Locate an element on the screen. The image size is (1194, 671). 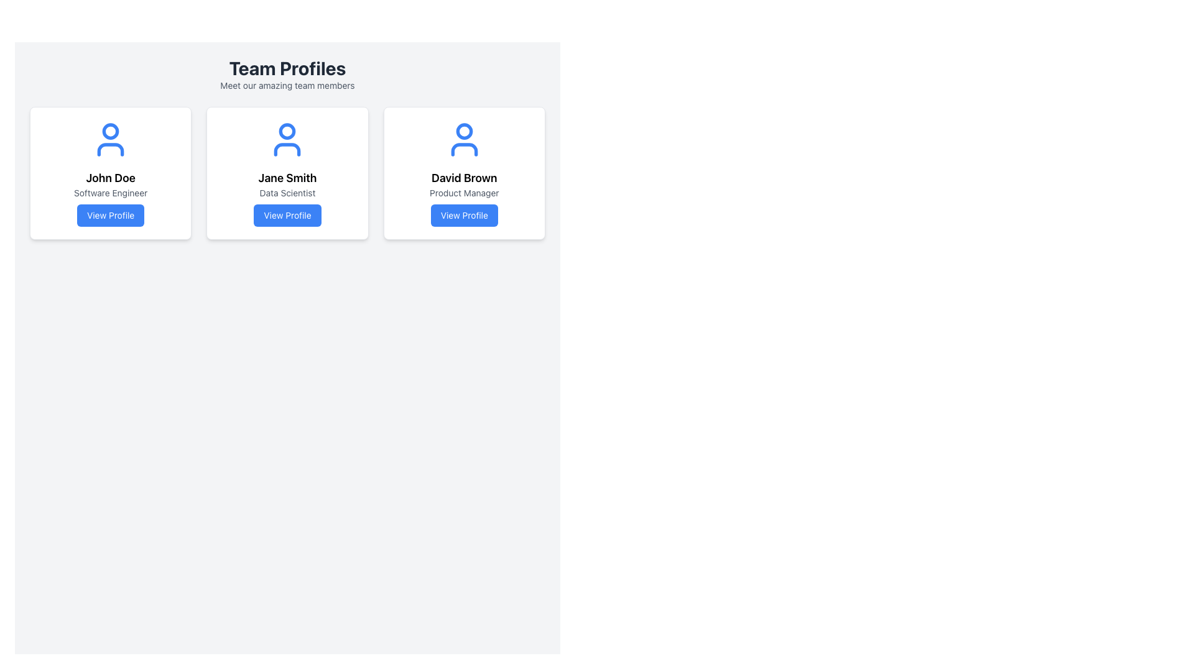
the lower half of the person icon representing the user profile for 'David Brown', which is styled with a blue stroke and located centrally within the profile card is located at coordinates (463, 148).